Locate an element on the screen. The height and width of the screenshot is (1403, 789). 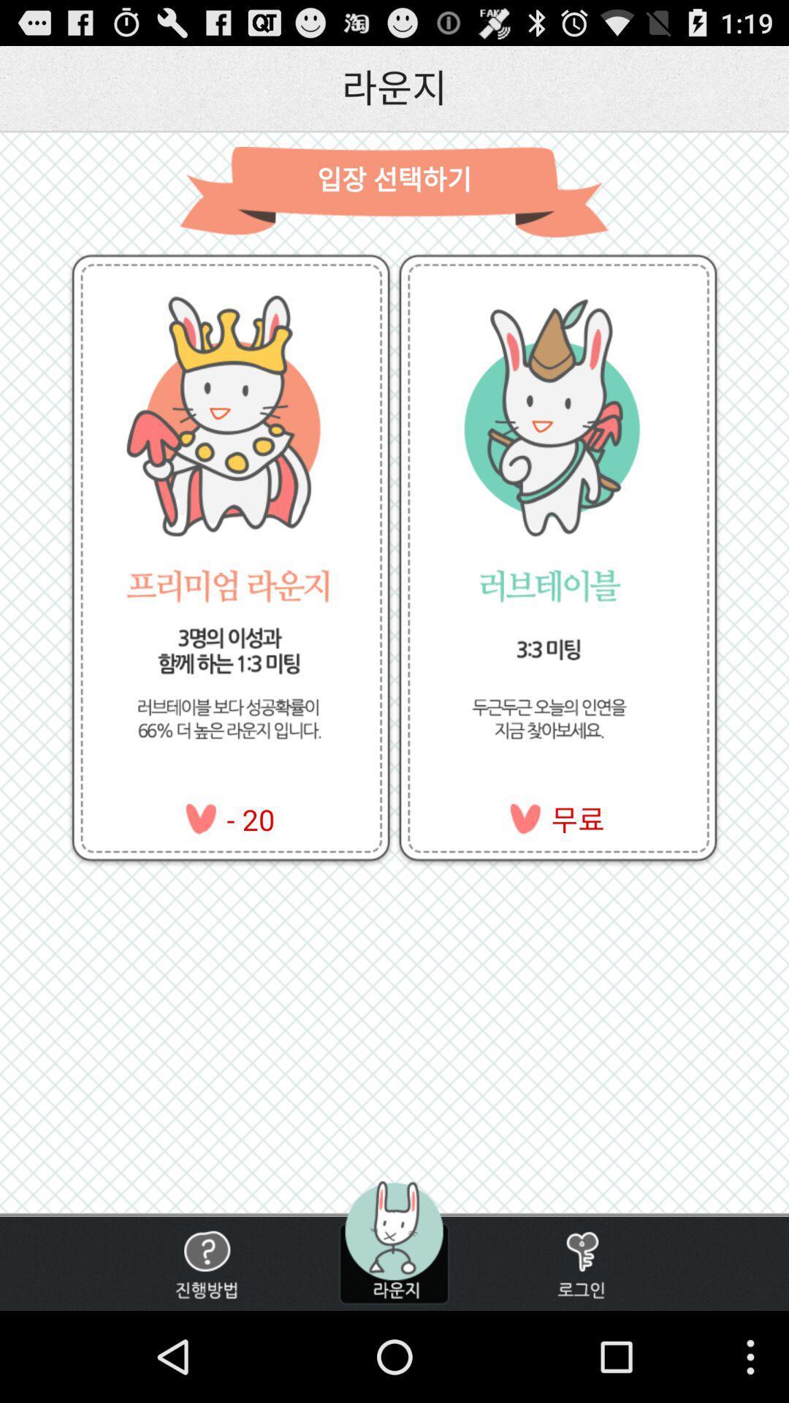
profile selection is located at coordinates (393, 1242).